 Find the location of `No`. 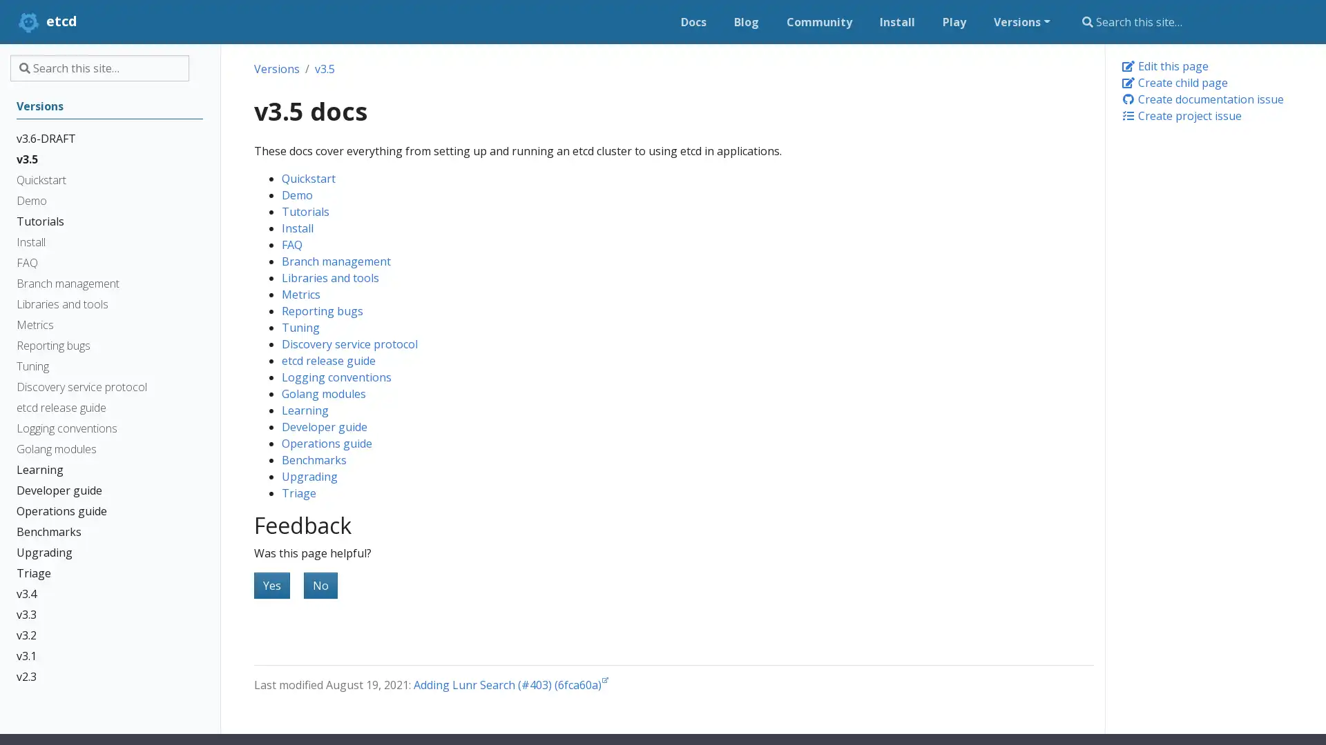

No is located at coordinates (319, 585).